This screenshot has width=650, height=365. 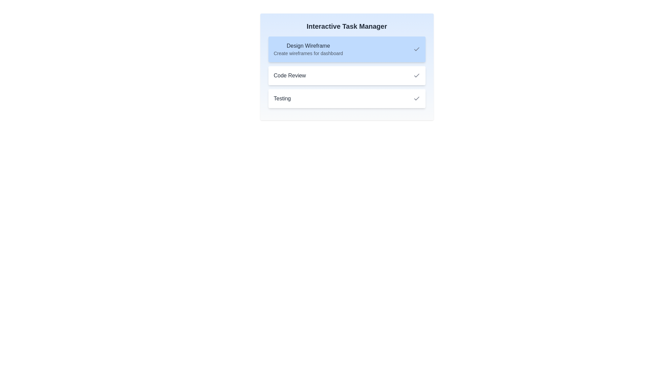 What do you see at coordinates (347, 49) in the screenshot?
I see `the task 'Design Wireframe' to view its details` at bounding box center [347, 49].